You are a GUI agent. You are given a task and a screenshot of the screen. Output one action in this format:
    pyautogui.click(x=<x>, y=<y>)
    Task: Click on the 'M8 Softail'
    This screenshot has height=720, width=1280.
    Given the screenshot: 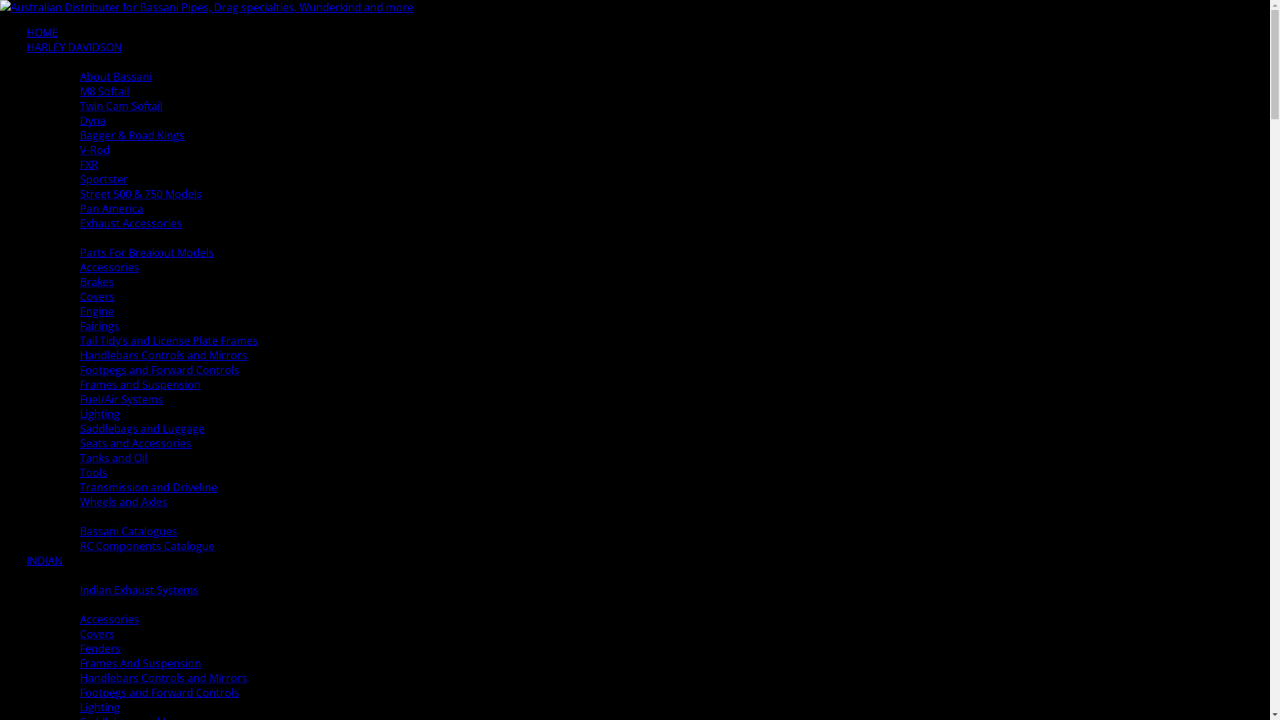 What is the action you would take?
    pyautogui.click(x=104, y=91)
    